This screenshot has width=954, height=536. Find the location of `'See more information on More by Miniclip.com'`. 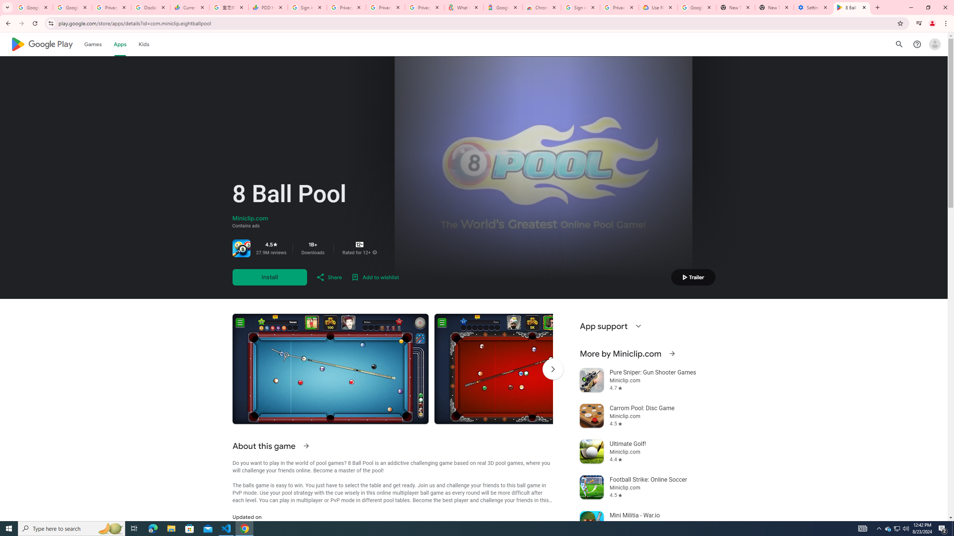

'See more information on More by Miniclip.com' is located at coordinates (672, 353).